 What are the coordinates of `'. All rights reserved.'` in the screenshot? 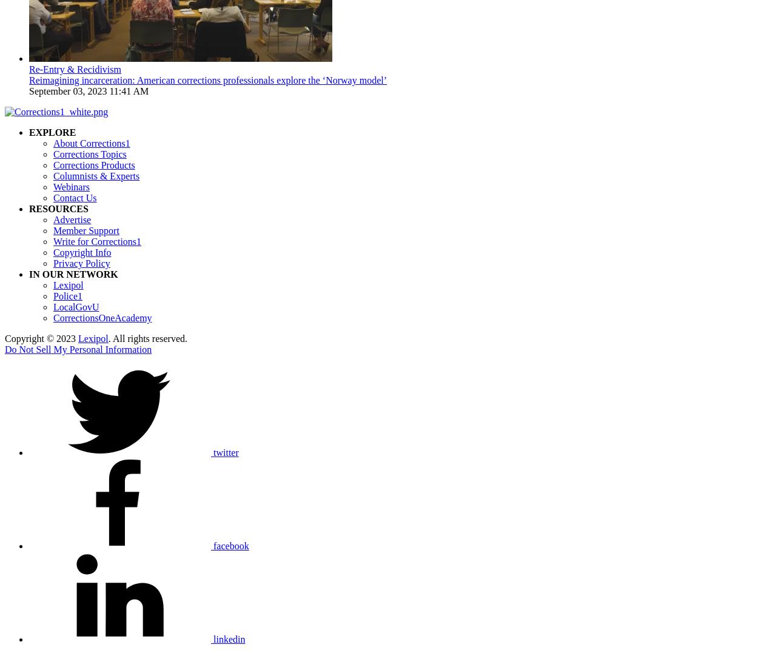 It's located at (108, 338).